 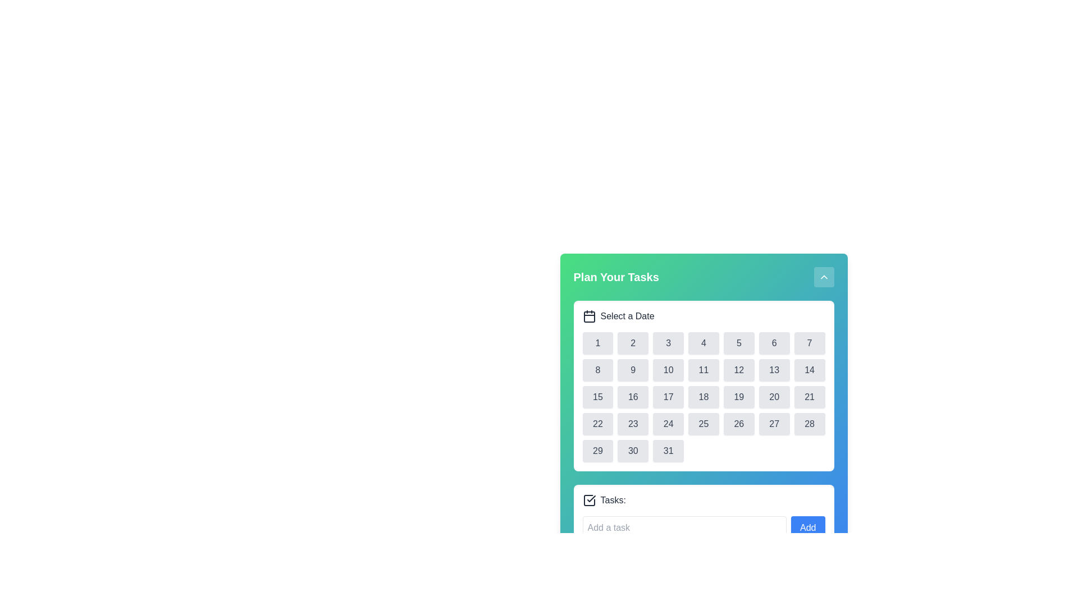 What do you see at coordinates (633, 424) in the screenshot?
I see `the button labeled '23', which is a square grid item with a light grey background and dark grey centered text` at bounding box center [633, 424].